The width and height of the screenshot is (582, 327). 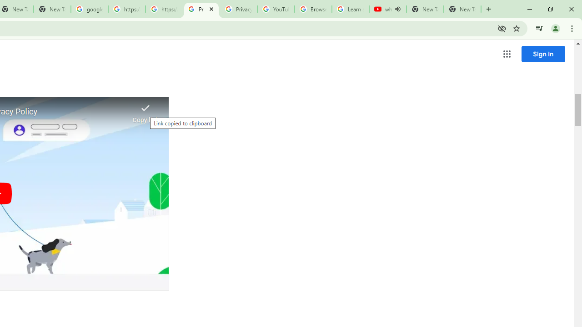 I want to click on 'Link copied to clipboard', so click(x=145, y=110).